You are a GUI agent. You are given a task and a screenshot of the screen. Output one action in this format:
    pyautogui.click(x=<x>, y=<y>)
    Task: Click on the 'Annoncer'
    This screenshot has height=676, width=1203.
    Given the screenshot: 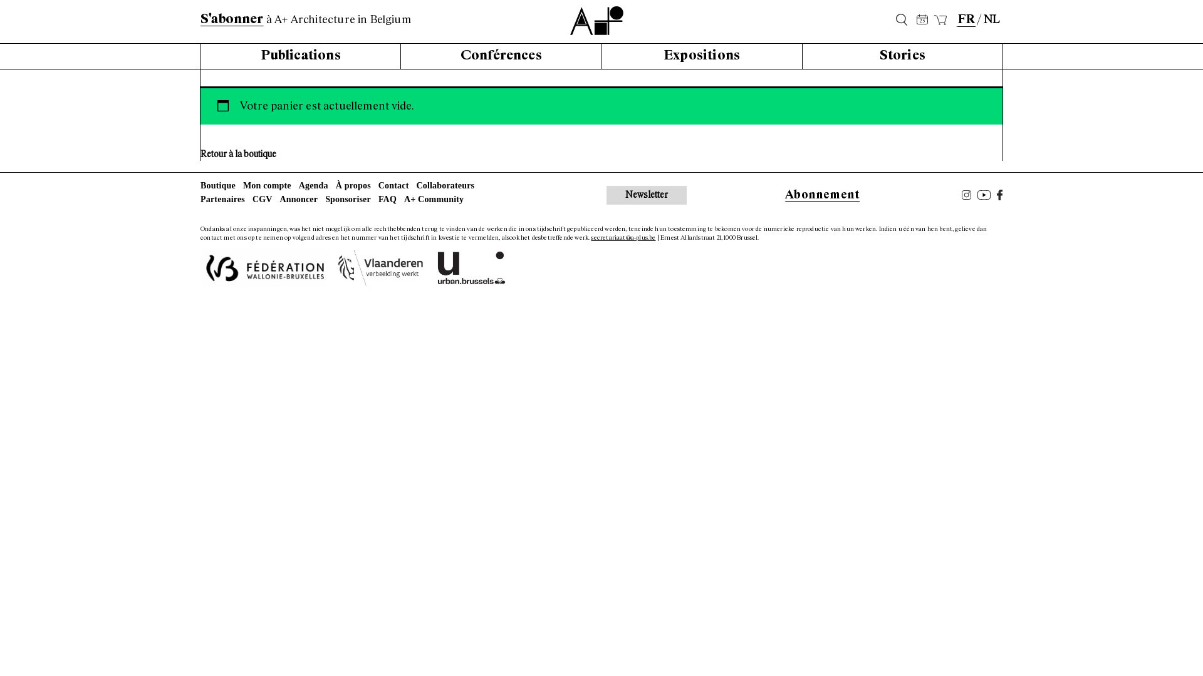 What is the action you would take?
    pyautogui.click(x=298, y=198)
    